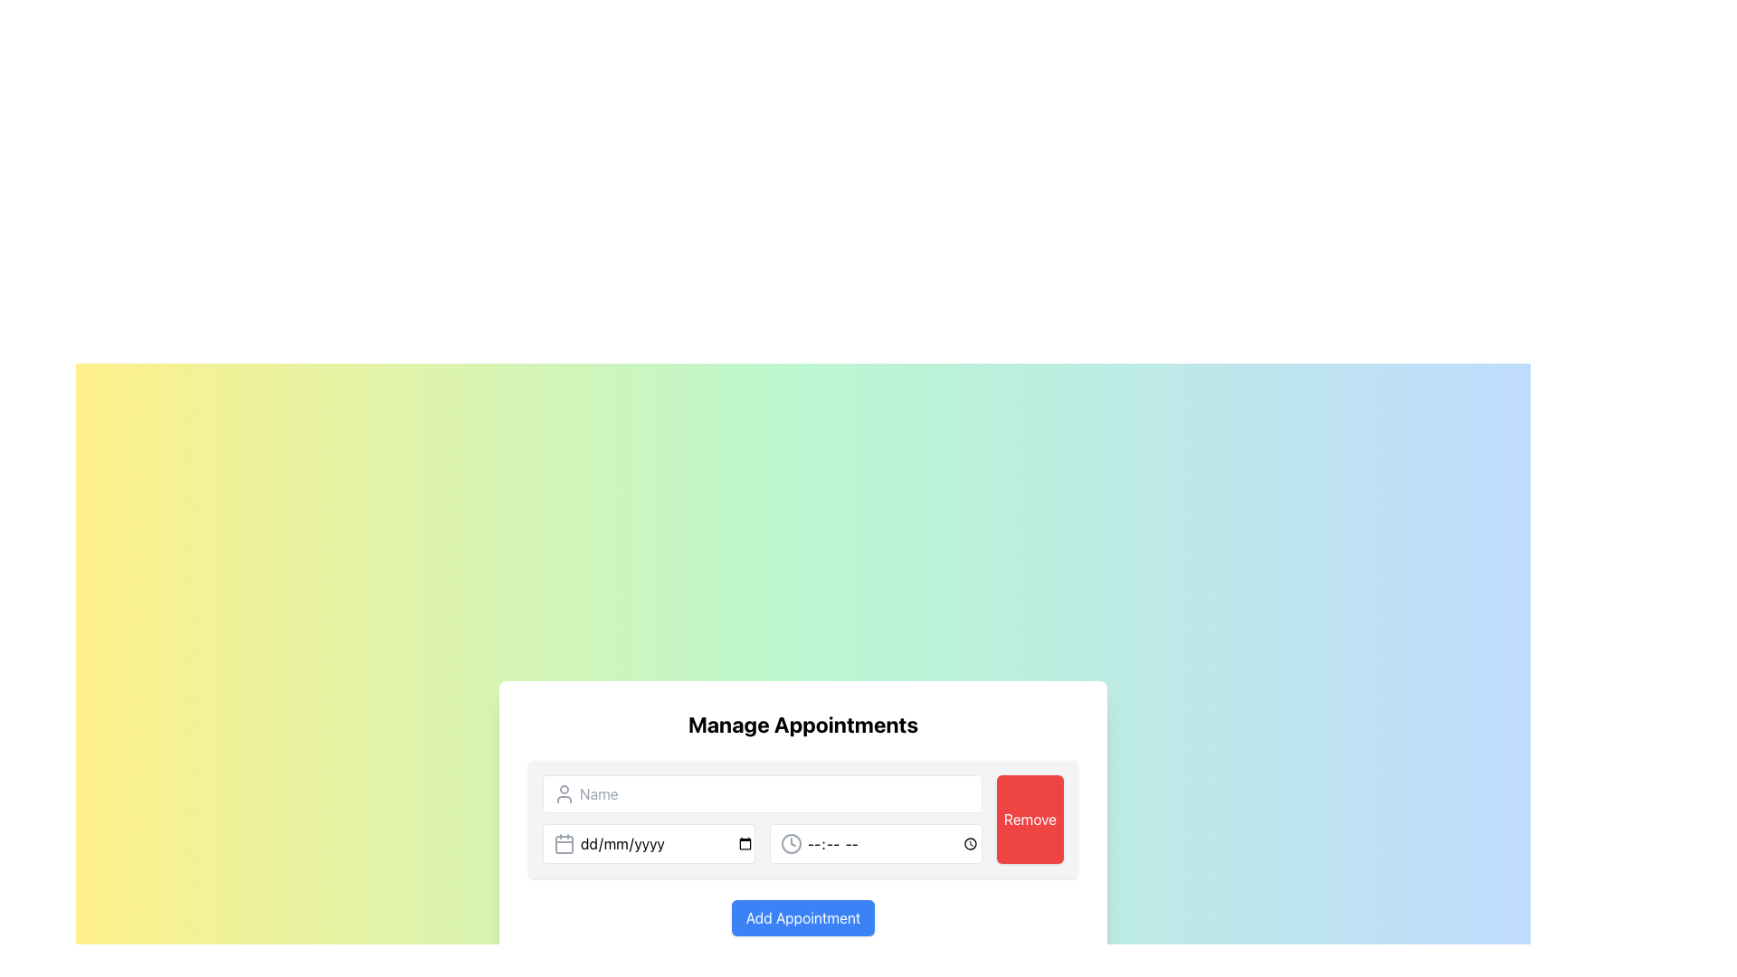 The width and height of the screenshot is (1737, 977). What do you see at coordinates (649, 844) in the screenshot?
I see `a date from the calendar popup by clicking on the date input field located below the 'Name' input field in the left column of the form UI` at bounding box center [649, 844].